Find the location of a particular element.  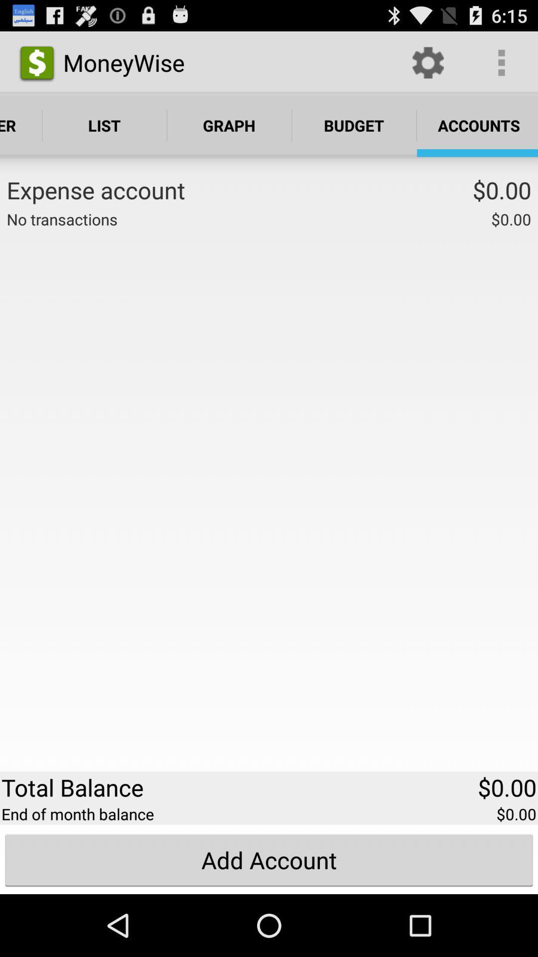

the item below the end of month item is located at coordinates (269, 859).